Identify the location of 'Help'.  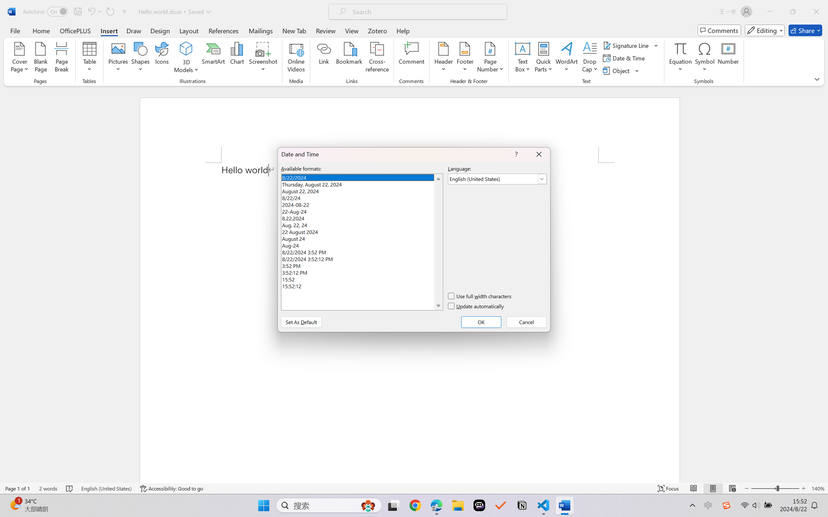
(403, 30).